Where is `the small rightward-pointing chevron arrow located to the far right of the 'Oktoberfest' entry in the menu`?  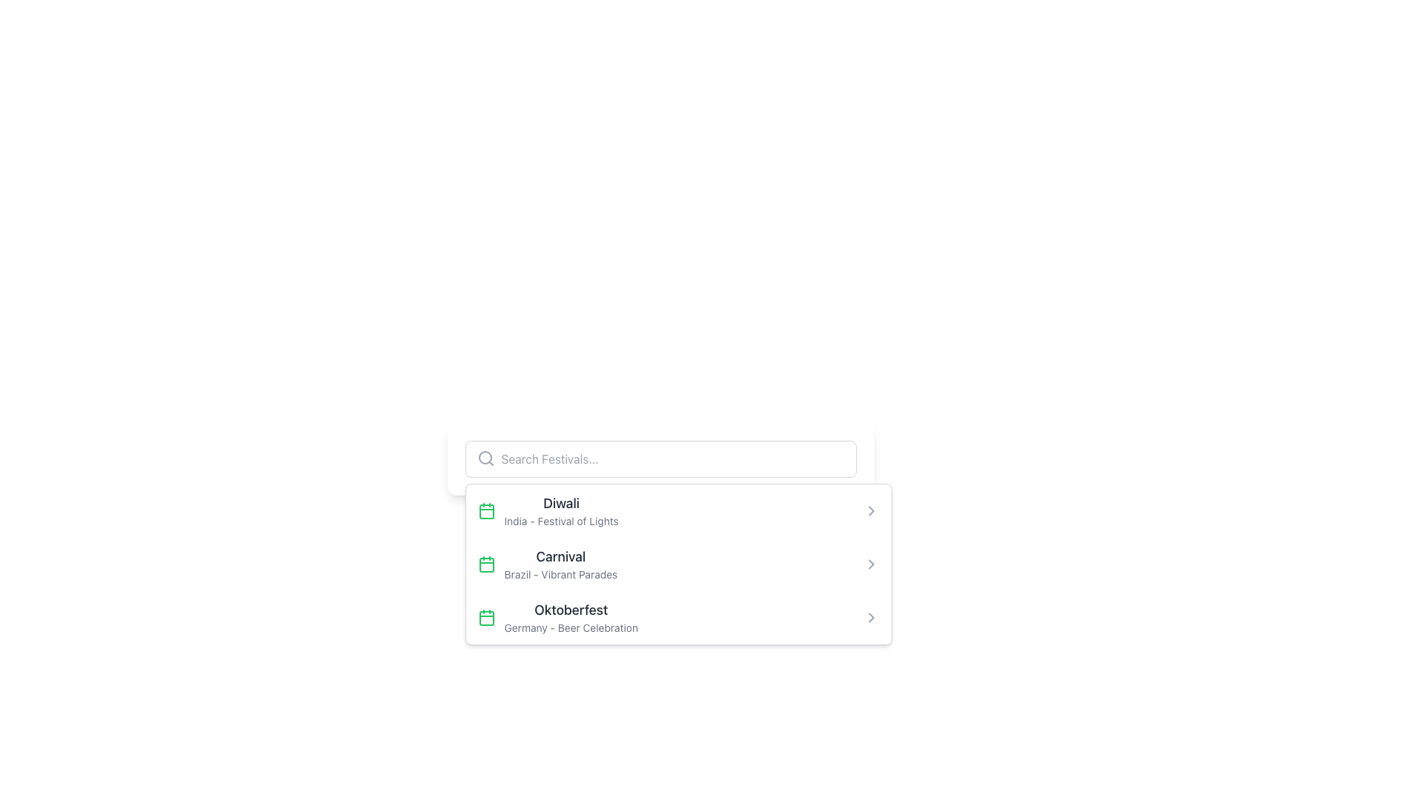
the small rightward-pointing chevron arrow located to the far right of the 'Oktoberfest' entry in the menu is located at coordinates (871, 617).